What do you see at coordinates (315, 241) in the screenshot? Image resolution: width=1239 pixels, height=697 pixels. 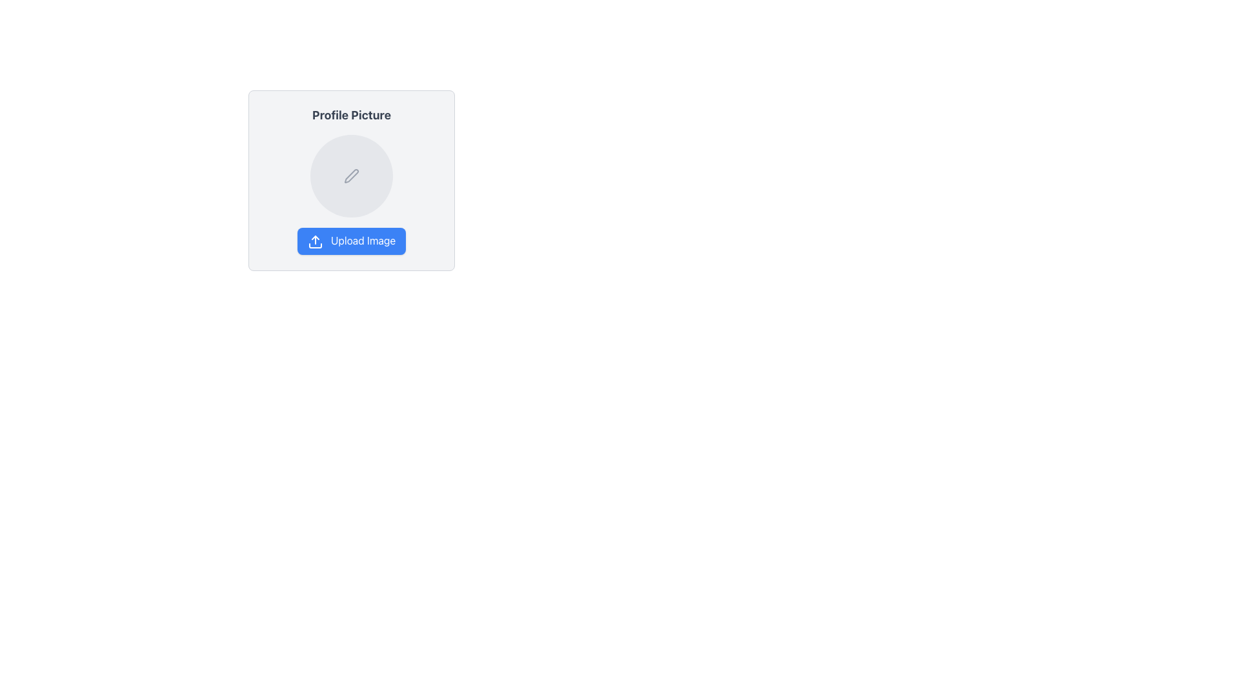 I see `the upload icon located to the left of the 'Upload Image' text within the blue button` at bounding box center [315, 241].